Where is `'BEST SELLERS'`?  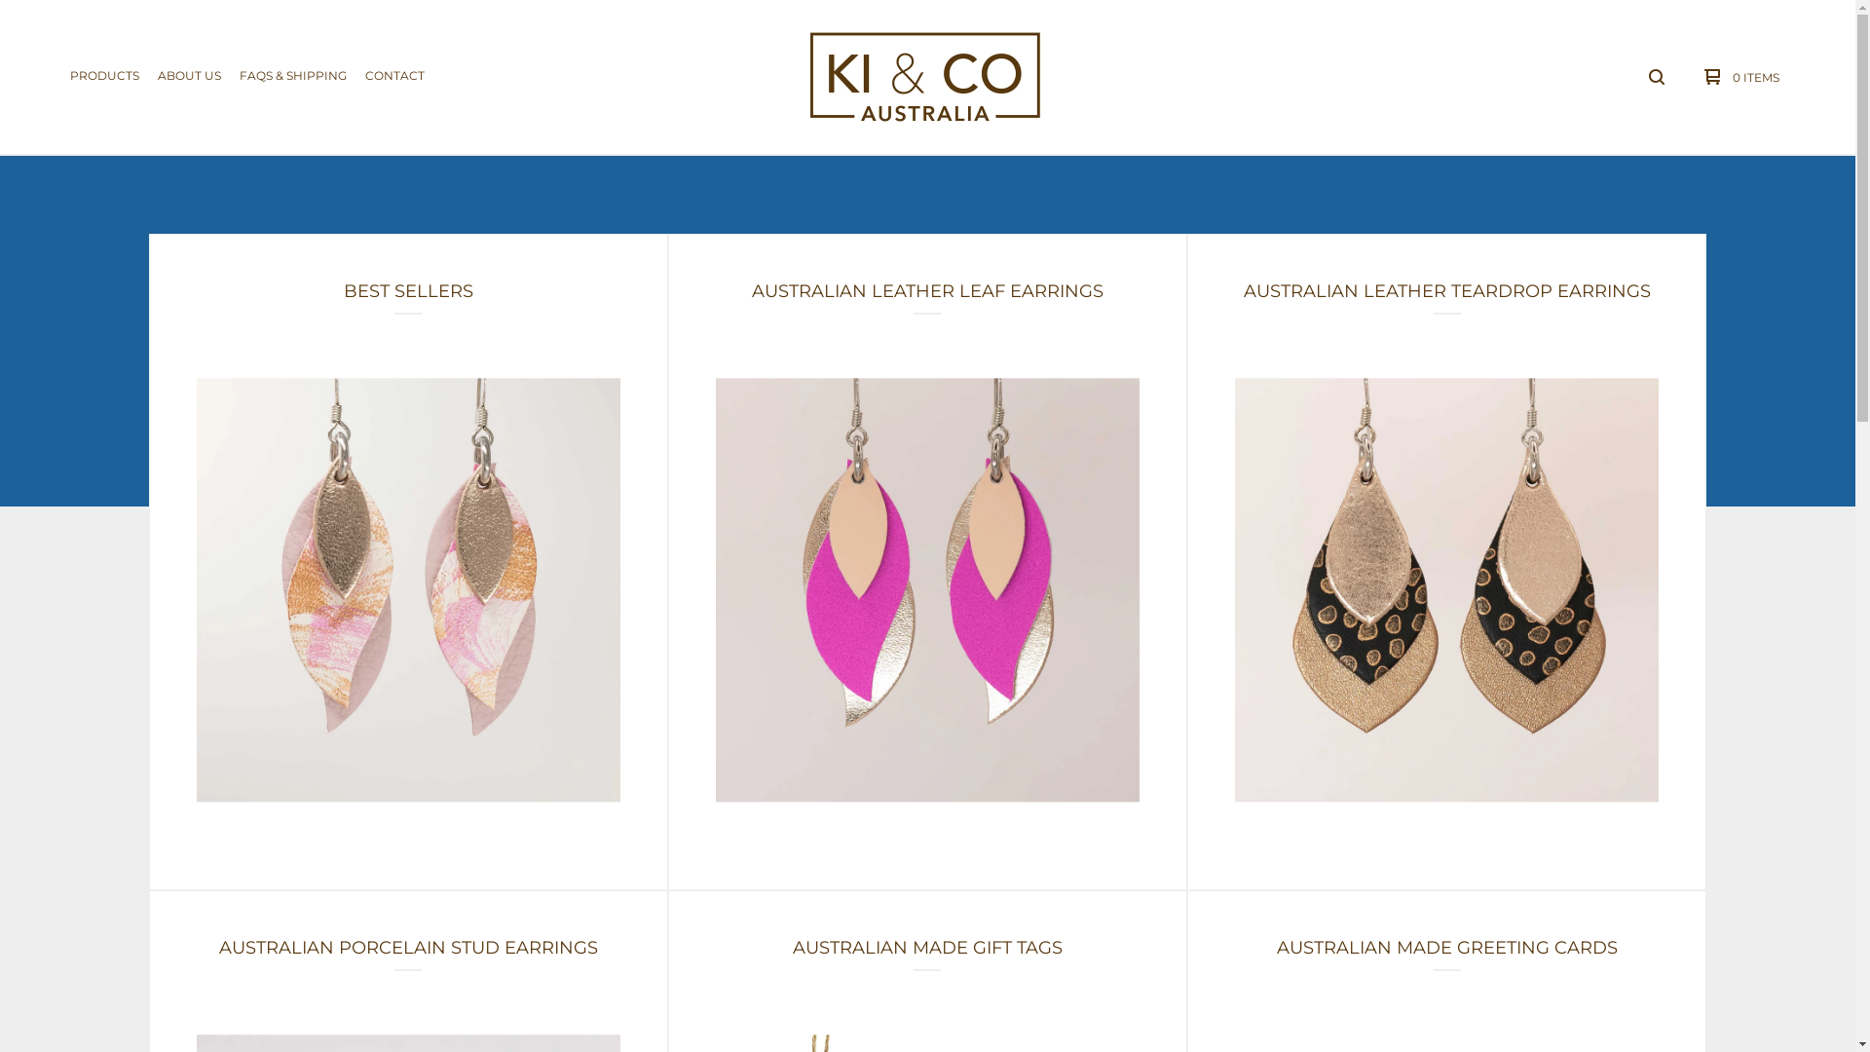 'BEST SELLERS' is located at coordinates (407, 562).